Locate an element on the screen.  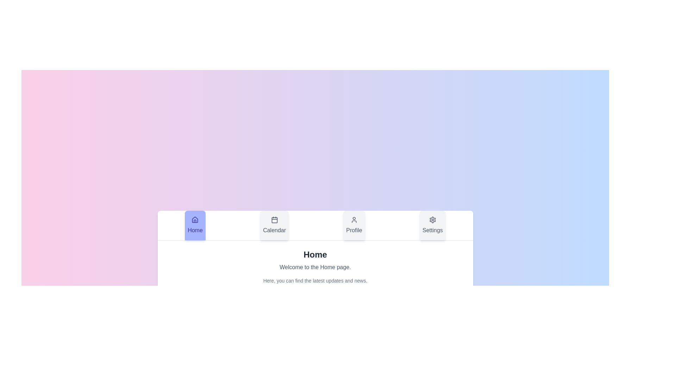
the tab labeled Settings is located at coordinates (432, 225).